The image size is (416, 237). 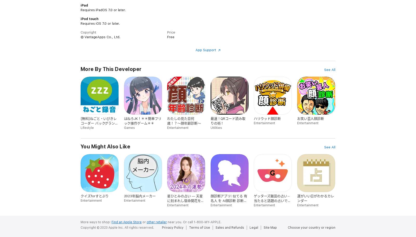 What do you see at coordinates (100, 37) in the screenshot?
I see `'© VantageApps Co., Ltd.'` at bounding box center [100, 37].